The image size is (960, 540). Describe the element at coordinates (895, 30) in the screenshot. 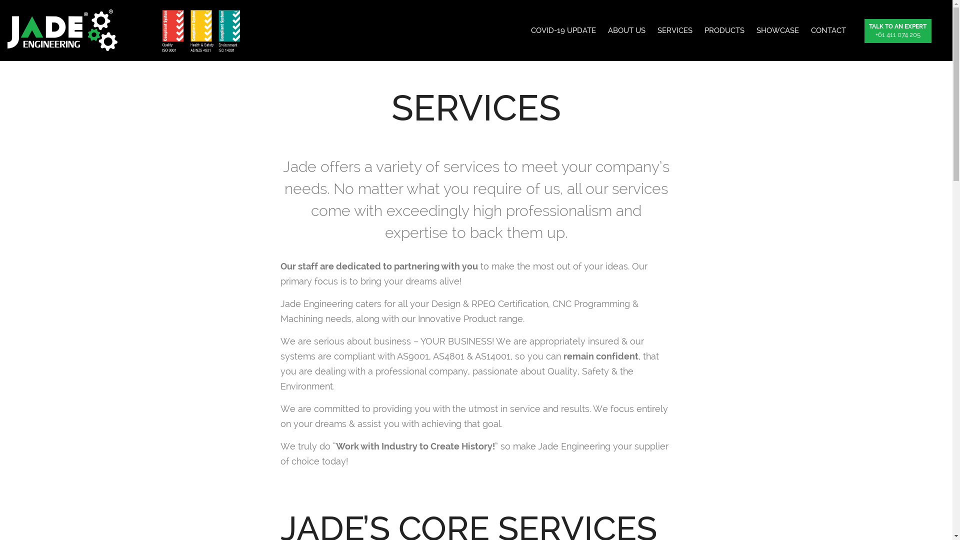

I see `'TALK TO AN EXPERT` at that location.